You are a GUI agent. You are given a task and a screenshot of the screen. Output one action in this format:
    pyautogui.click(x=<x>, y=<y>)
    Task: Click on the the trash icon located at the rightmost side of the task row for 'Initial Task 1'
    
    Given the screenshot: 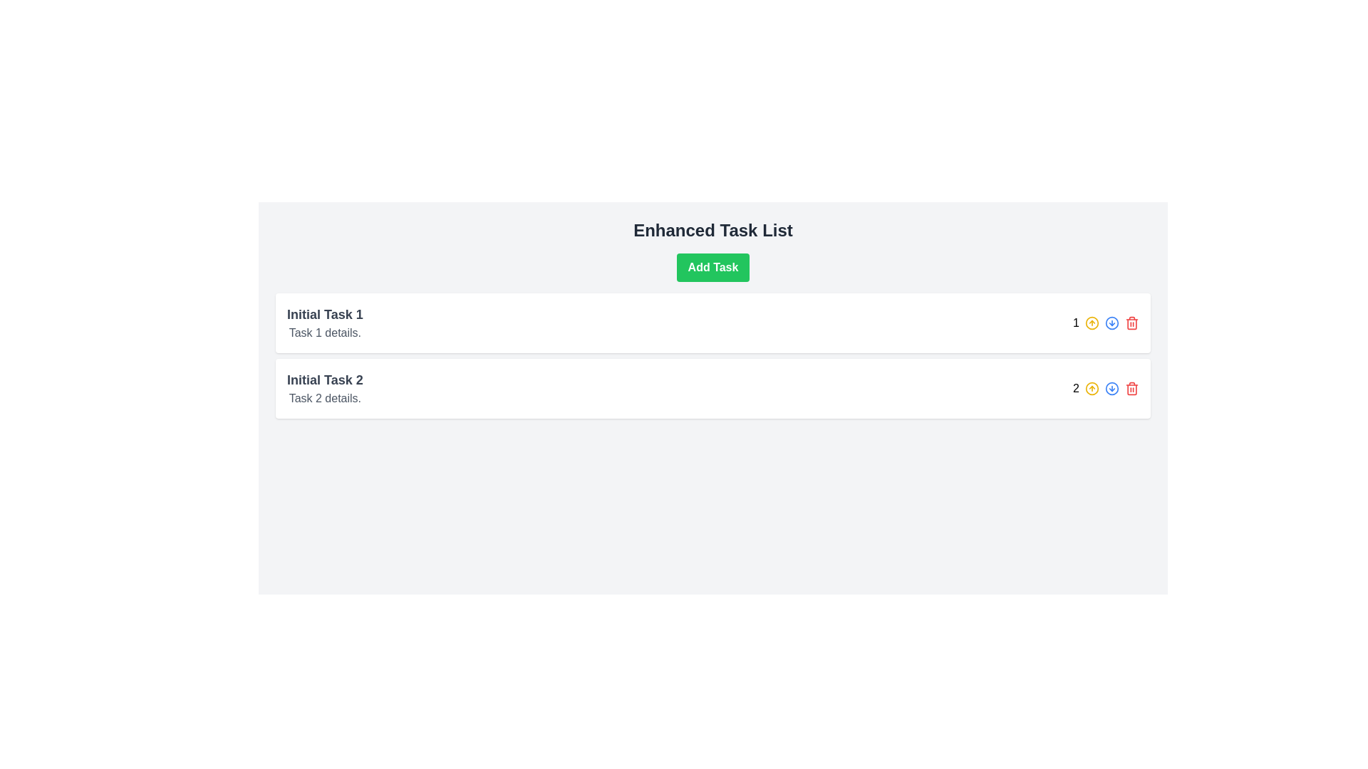 What is the action you would take?
    pyautogui.click(x=1131, y=324)
    